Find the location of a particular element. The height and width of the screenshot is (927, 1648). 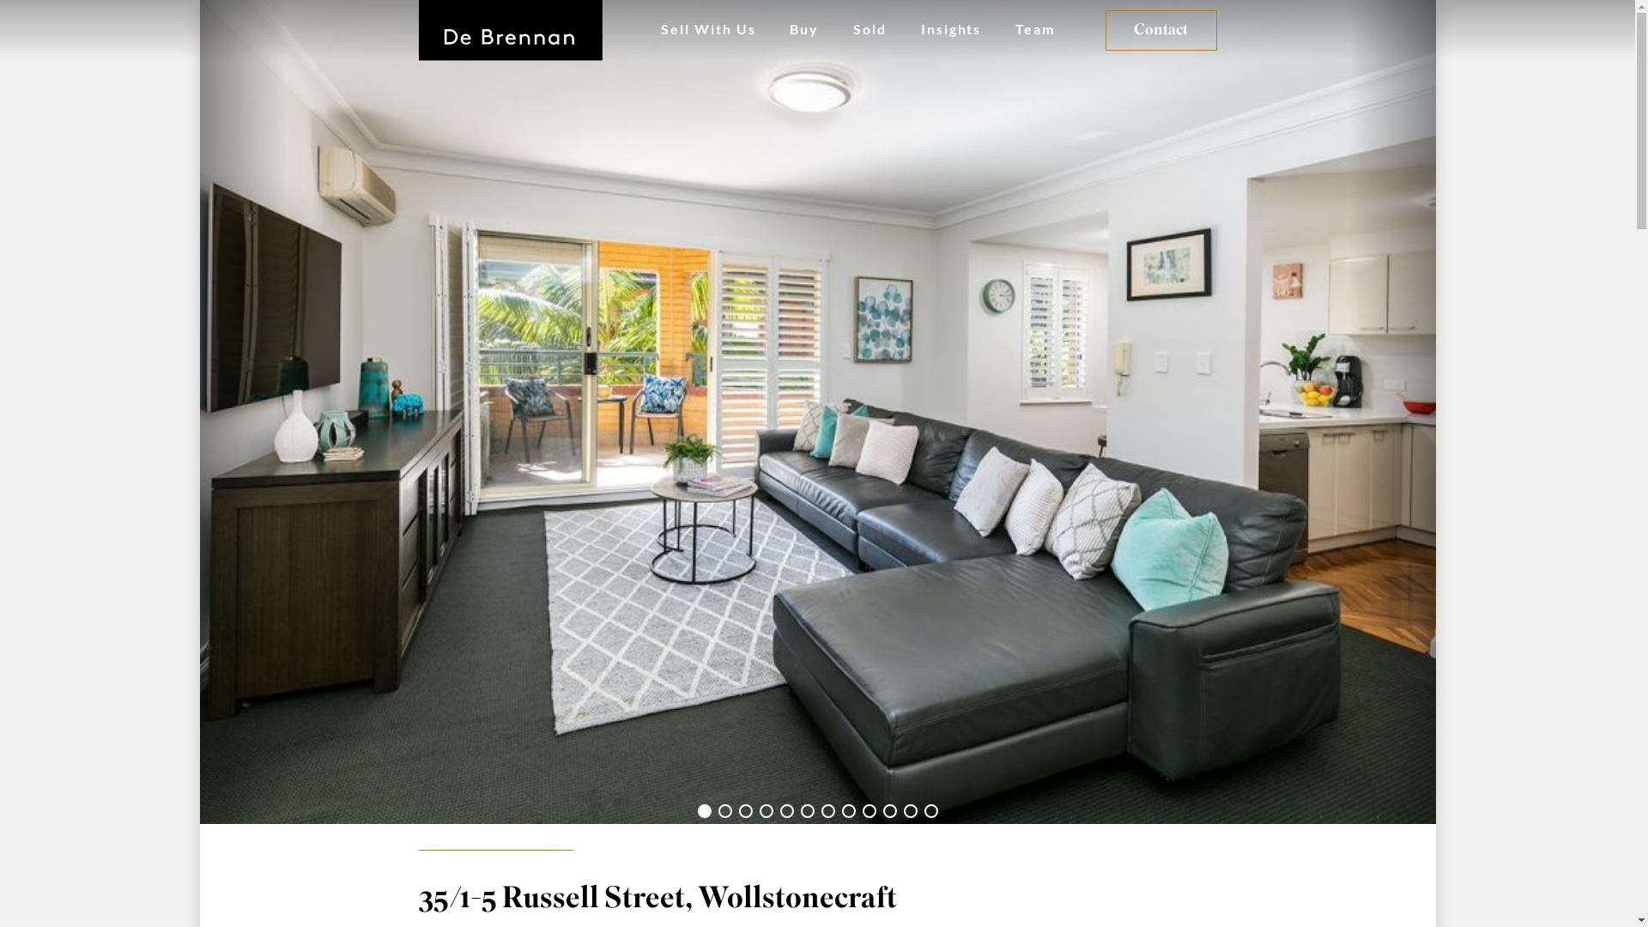

'9' is located at coordinates (869, 811).